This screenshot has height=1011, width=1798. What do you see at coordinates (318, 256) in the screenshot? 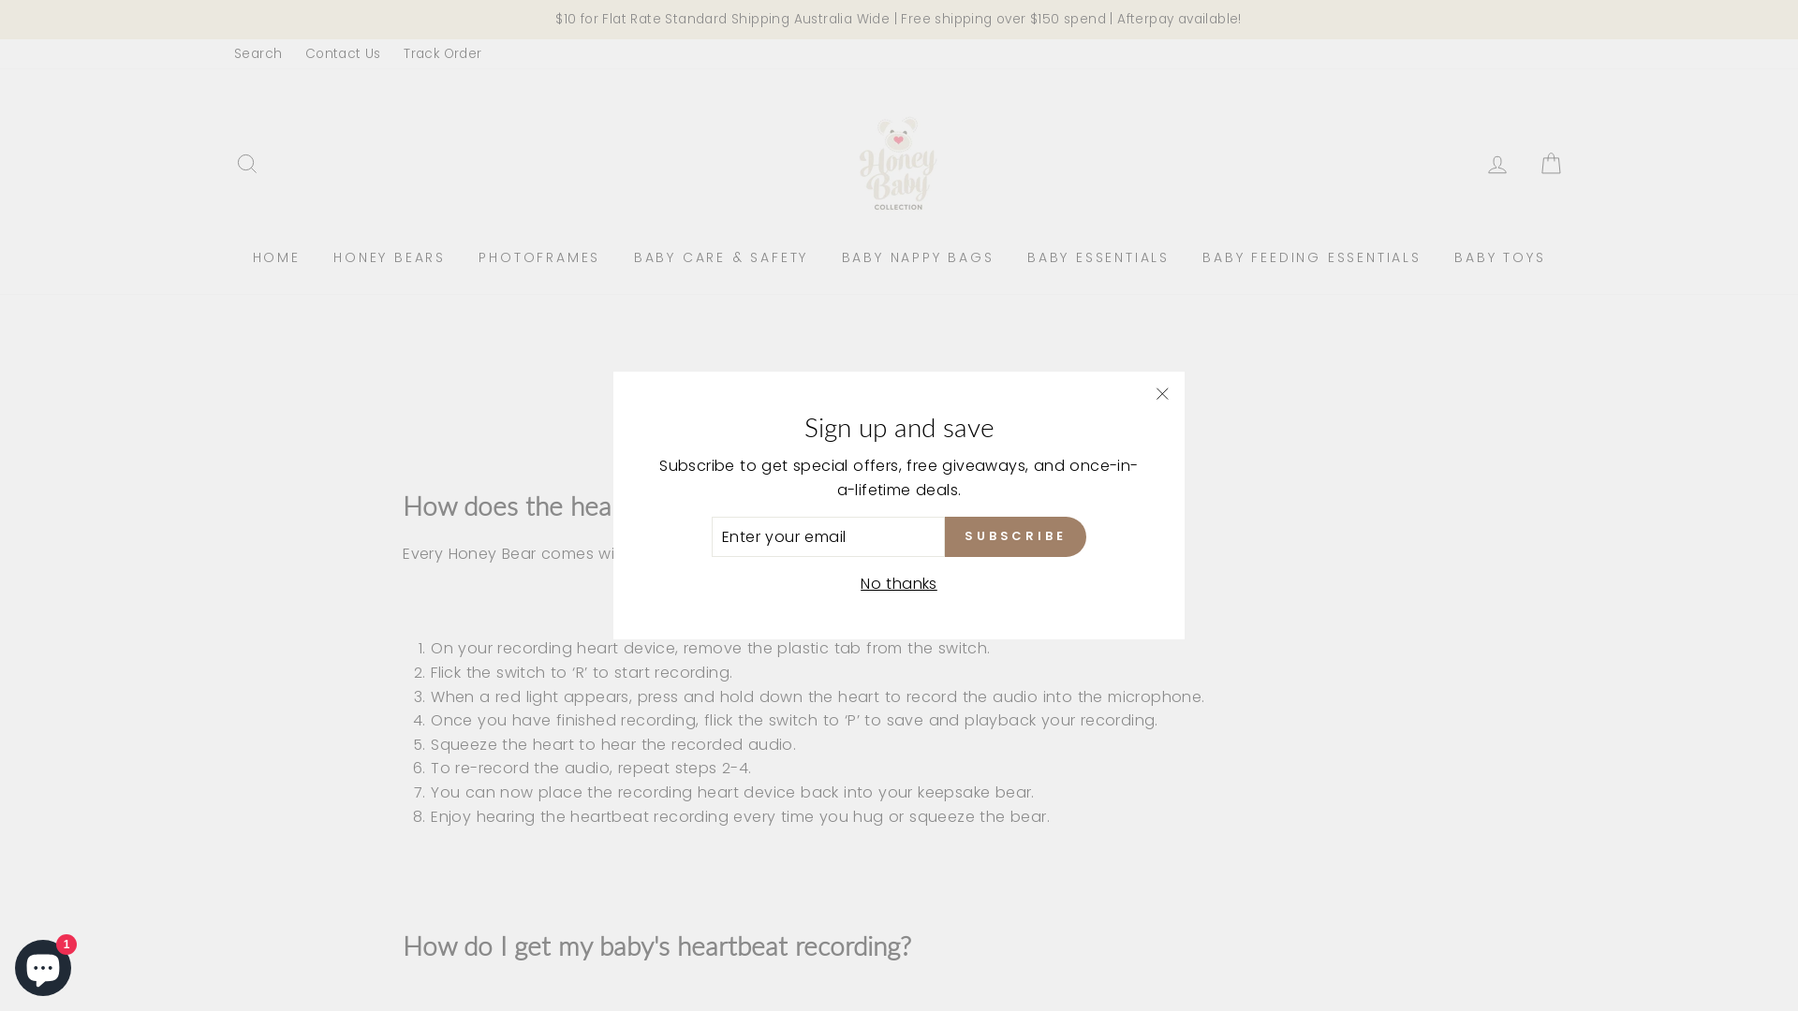
I see `'HONEY BEARS'` at bounding box center [318, 256].